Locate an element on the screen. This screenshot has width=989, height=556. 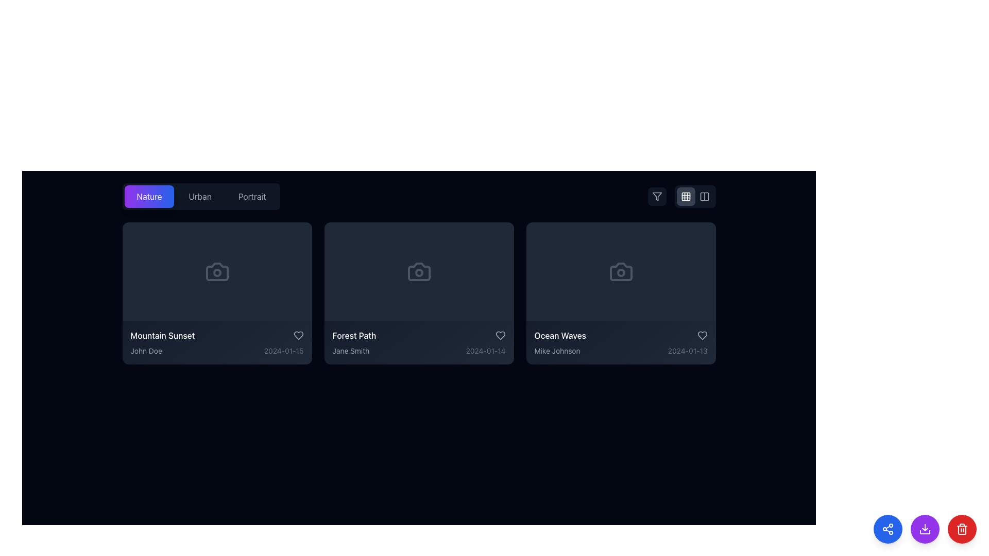
the download button with a purple circular background and a white downward-facing arrow icon is located at coordinates (925, 529).